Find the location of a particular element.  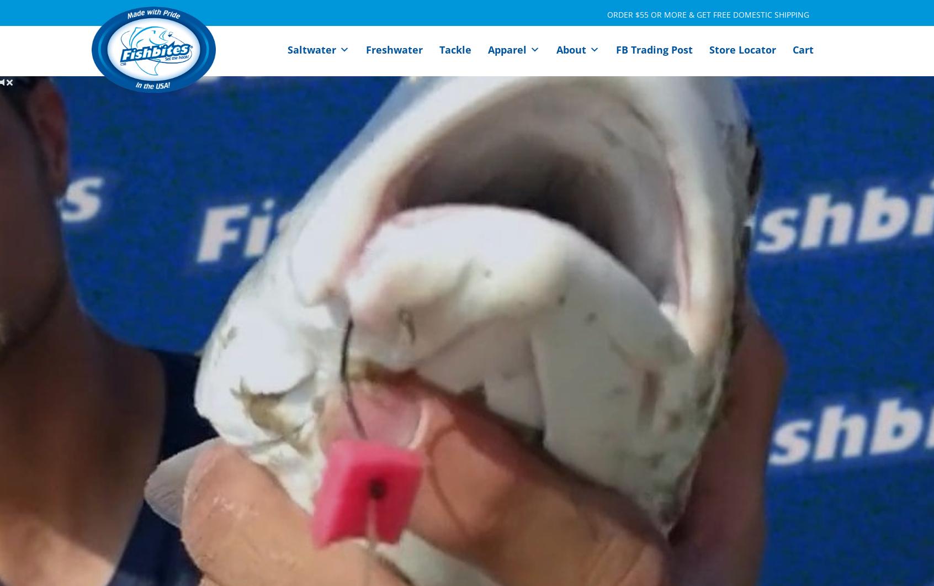

'Tackle' is located at coordinates (455, 49).